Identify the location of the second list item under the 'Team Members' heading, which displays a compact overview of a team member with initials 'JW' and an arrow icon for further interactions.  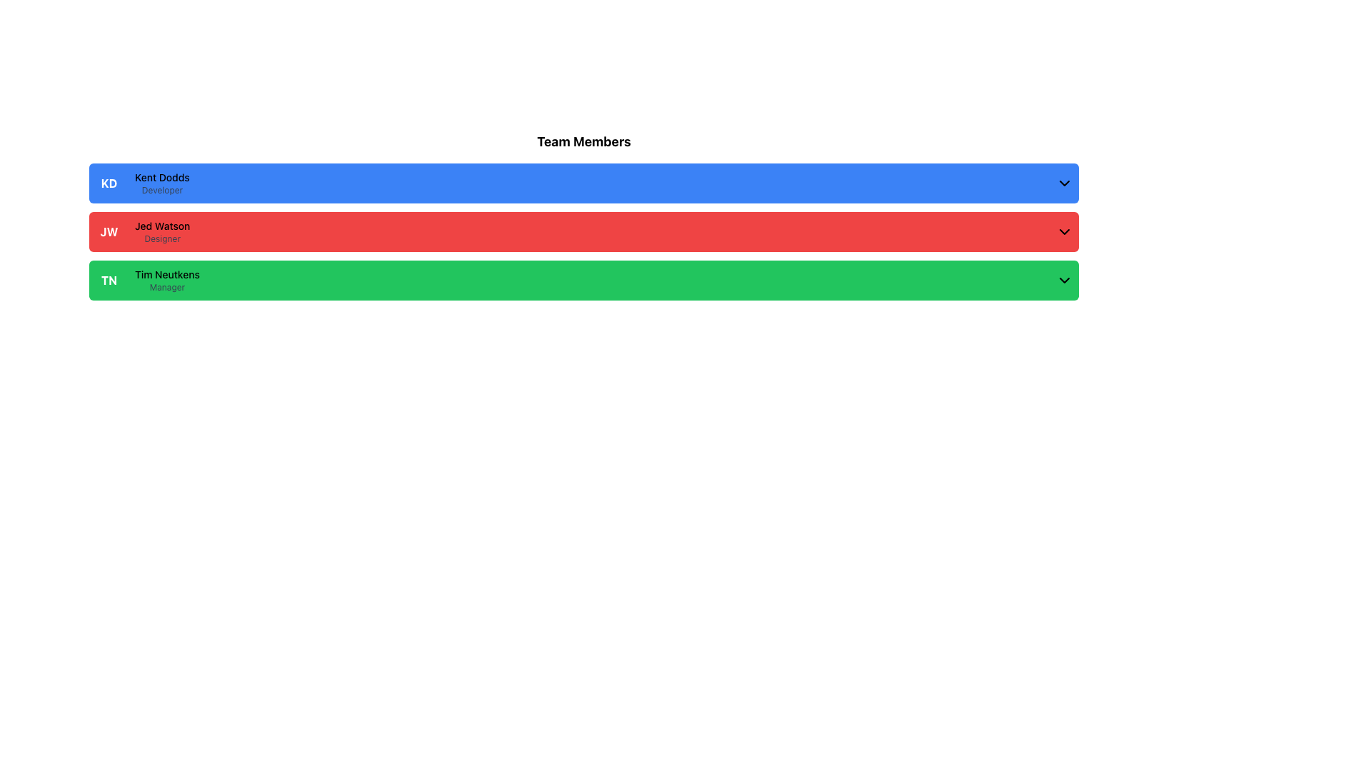
(162, 231).